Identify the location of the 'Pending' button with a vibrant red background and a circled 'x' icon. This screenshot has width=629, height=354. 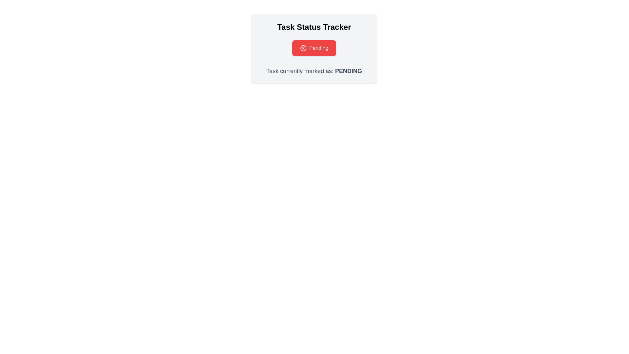
(314, 48).